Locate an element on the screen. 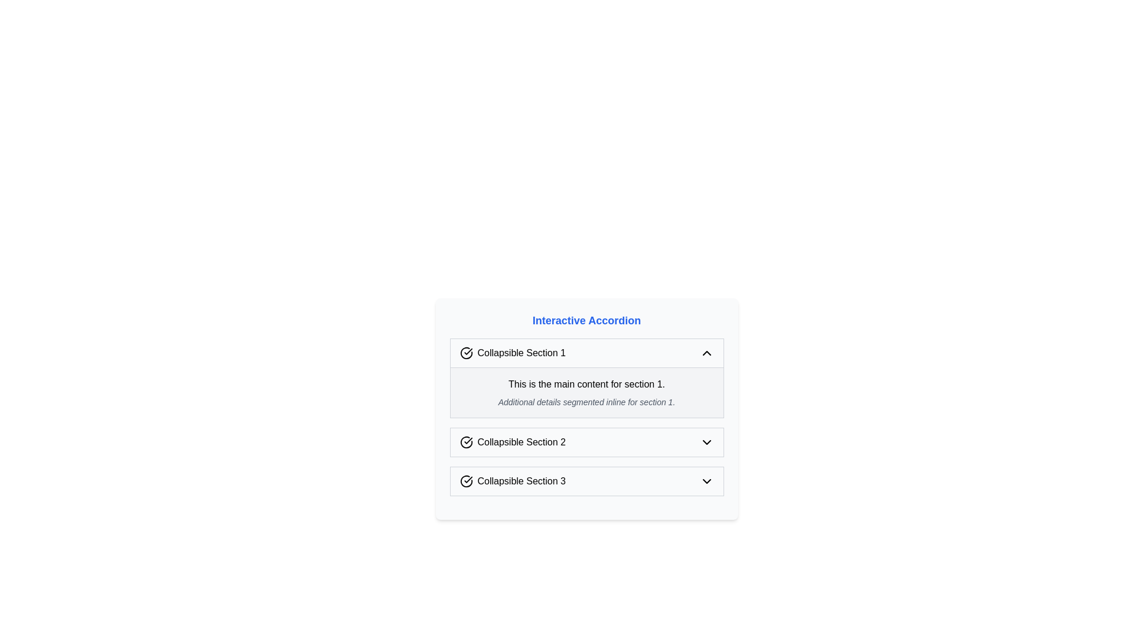  descriptive text of the Accordion panel titled 'Collapsible Section 1' which includes 'This is the main content for section 1.' and 'Additional details segmented inline for section 1.' is located at coordinates (586, 378).